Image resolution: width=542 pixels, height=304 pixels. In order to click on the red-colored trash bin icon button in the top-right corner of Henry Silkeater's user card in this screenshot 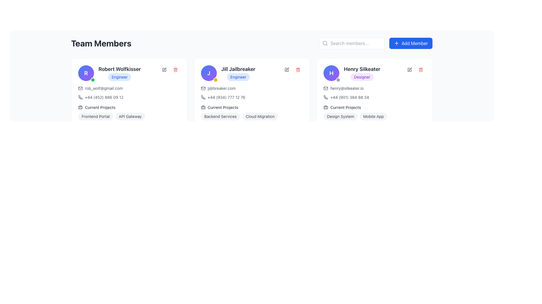, I will do `click(421, 69)`.